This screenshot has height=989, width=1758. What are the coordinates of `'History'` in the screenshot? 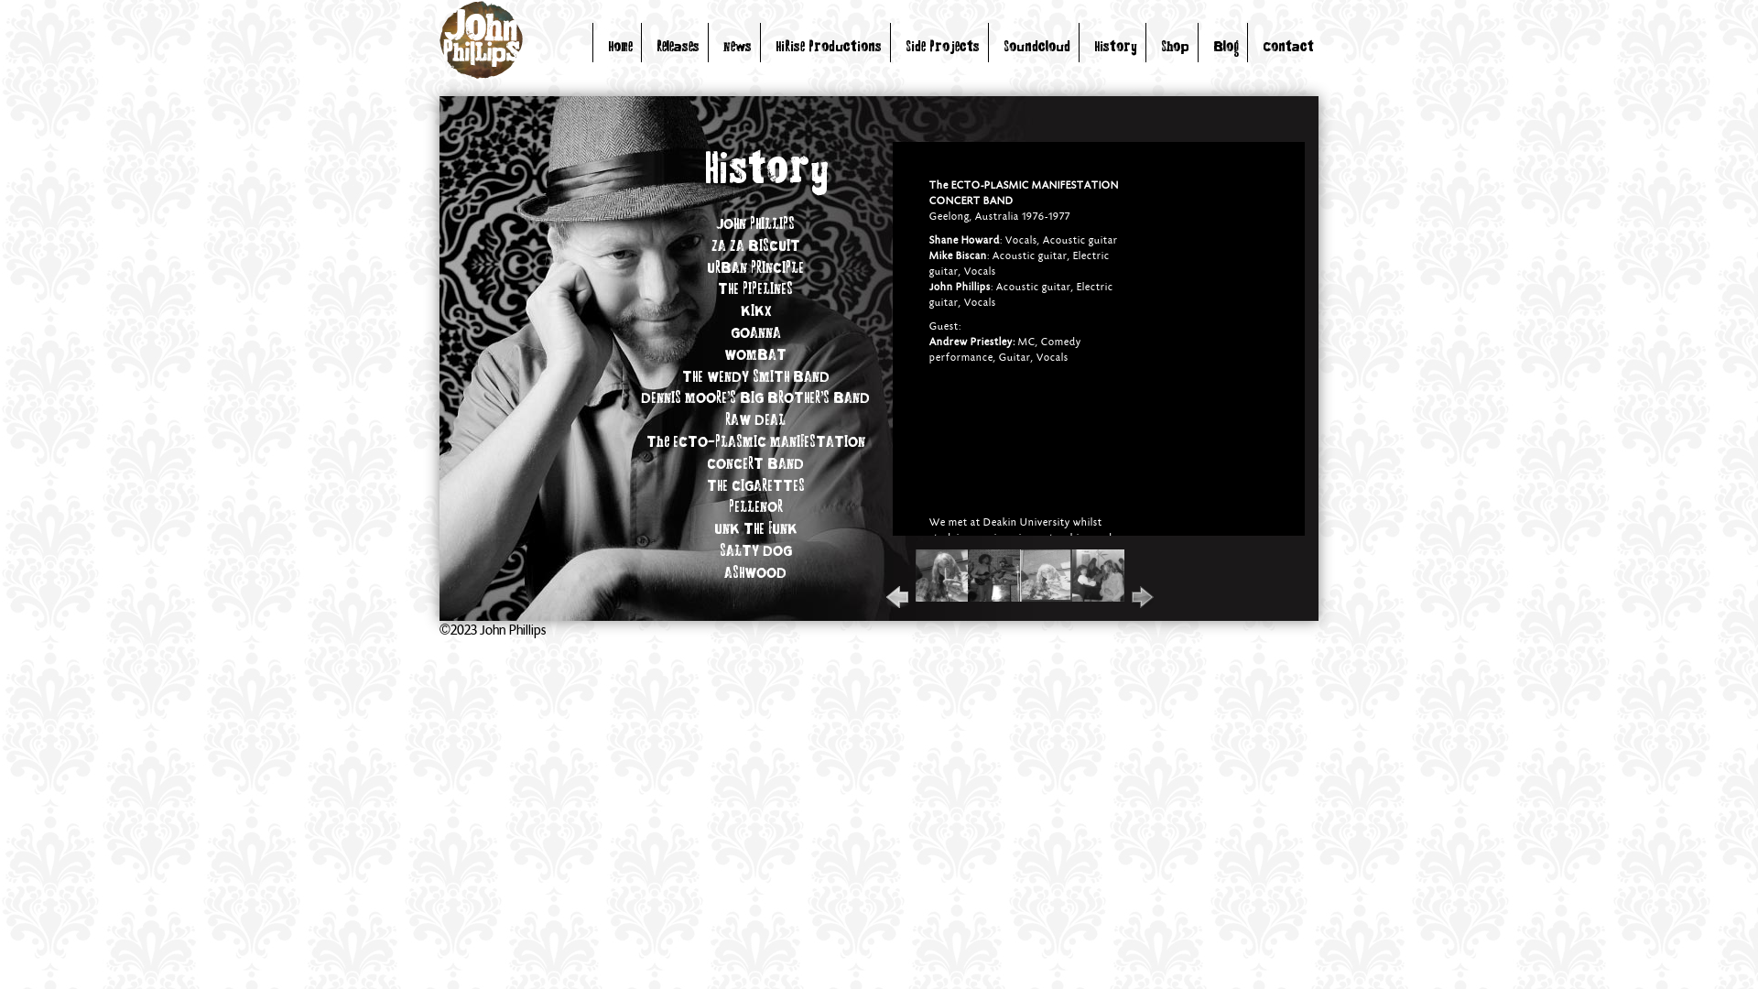 It's located at (1114, 47).